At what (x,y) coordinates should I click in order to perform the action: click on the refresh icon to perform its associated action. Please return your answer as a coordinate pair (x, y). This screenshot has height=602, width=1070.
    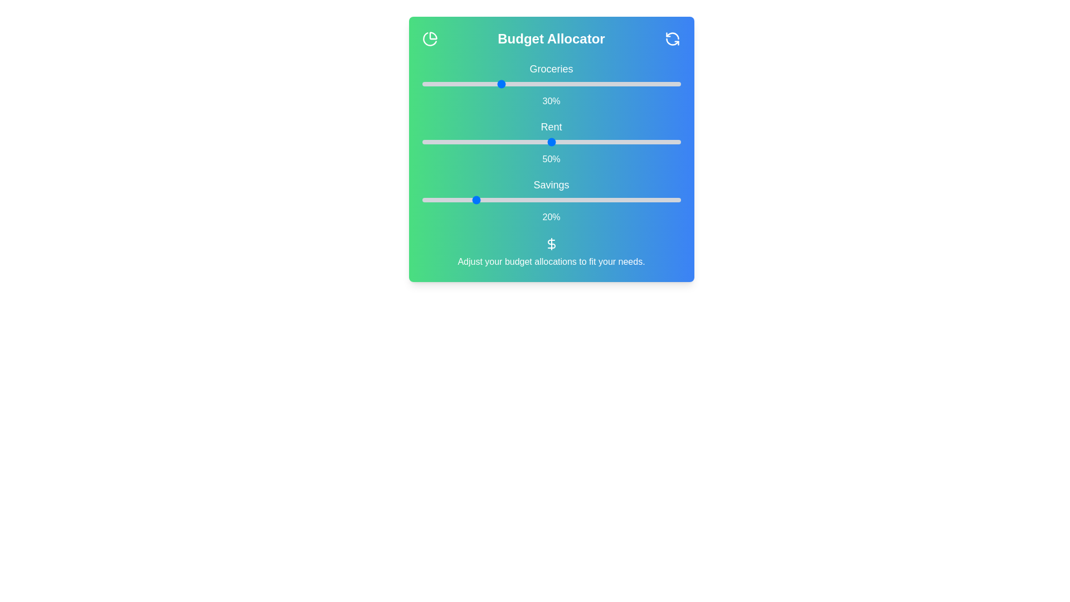
    Looking at the image, I should click on (672, 38).